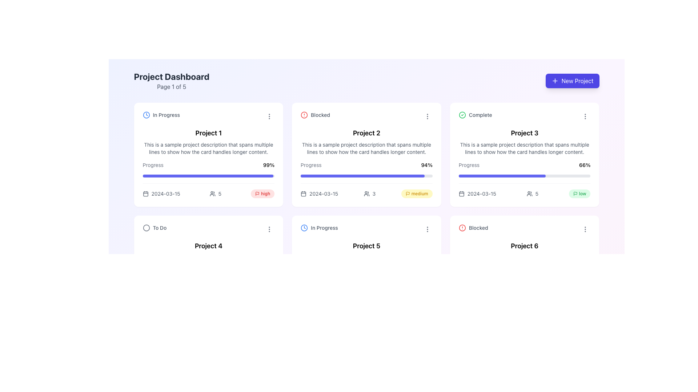 The image size is (698, 392). Describe the element at coordinates (208, 190) in the screenshot. I see `the text element displaying the number of participants associated with 'Project 1', which is located at the bottom of the card in the first column of a grid layout, positioned between a calendar icon and a priority level label` at that location.